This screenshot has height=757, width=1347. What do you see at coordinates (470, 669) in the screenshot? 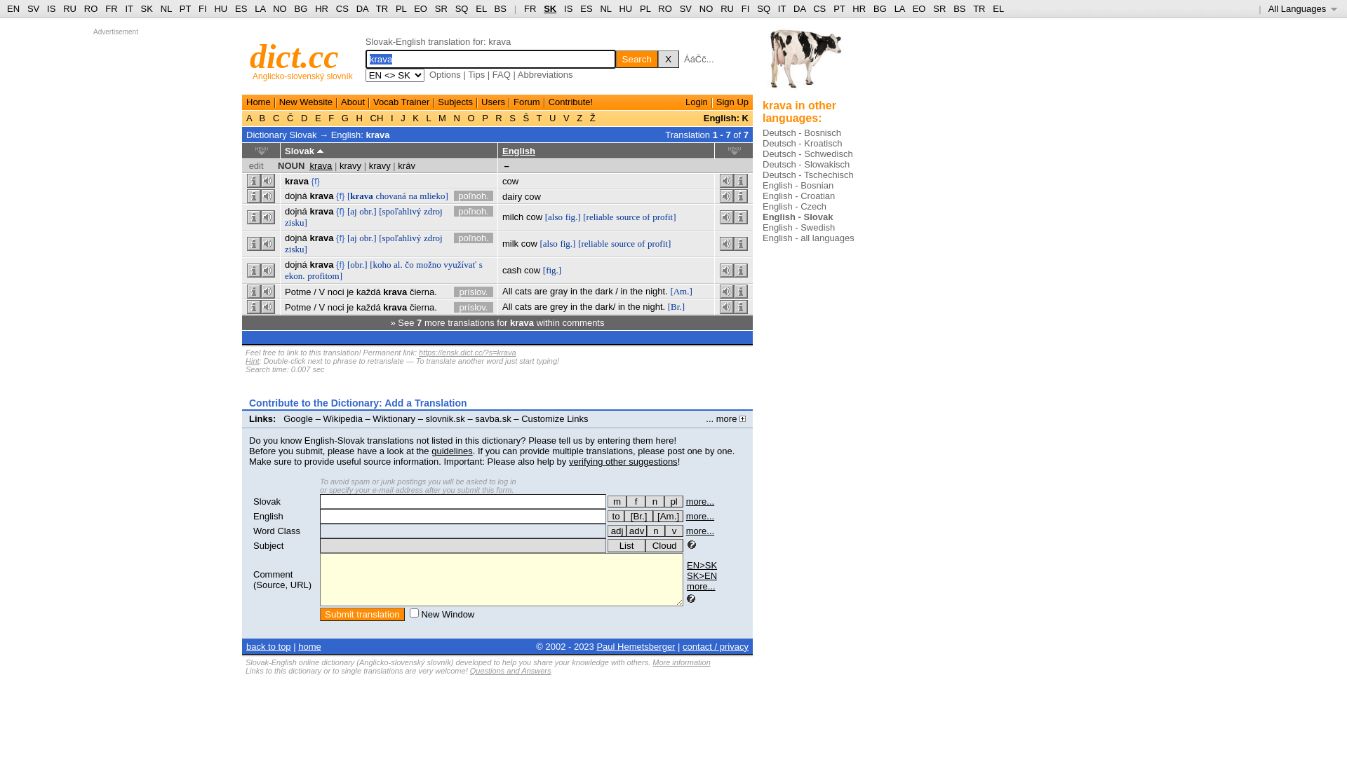
I see `'Questions and Answers'` at bounding box center [470, 669].